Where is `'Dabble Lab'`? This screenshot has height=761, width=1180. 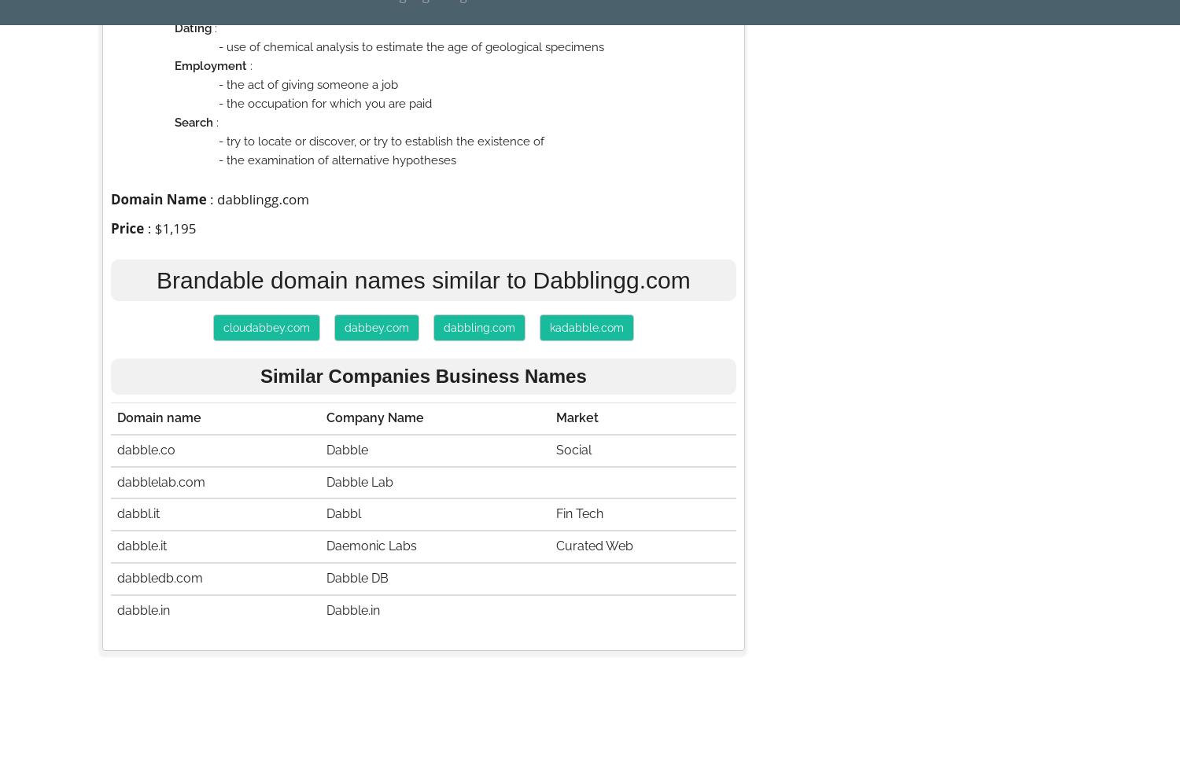 'Dabble Lab' is located at coordinates (359, 480).